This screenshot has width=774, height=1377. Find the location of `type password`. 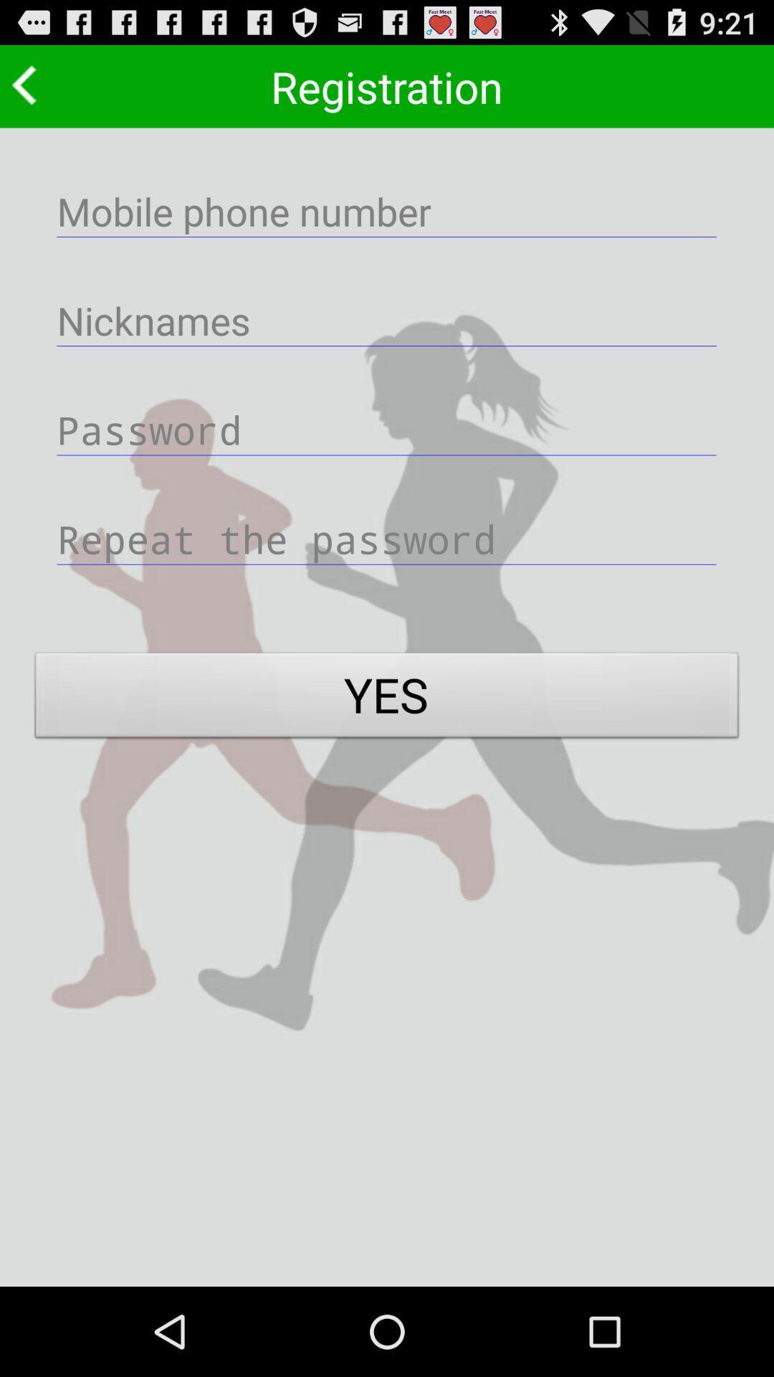

type password is located at coordinates (387, 428).